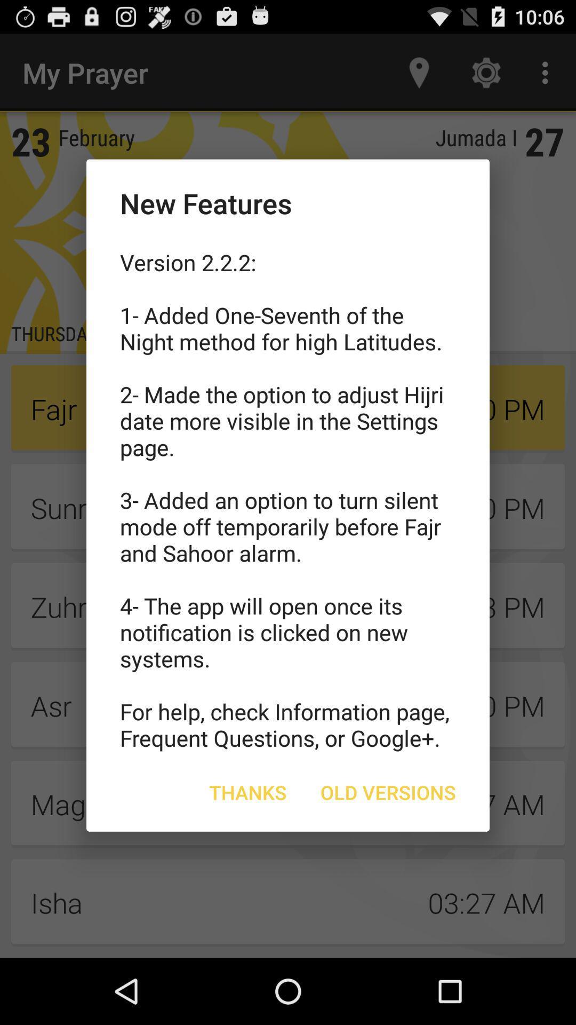  I want to click on icon to the left of old versions icon, so click(248, 792).